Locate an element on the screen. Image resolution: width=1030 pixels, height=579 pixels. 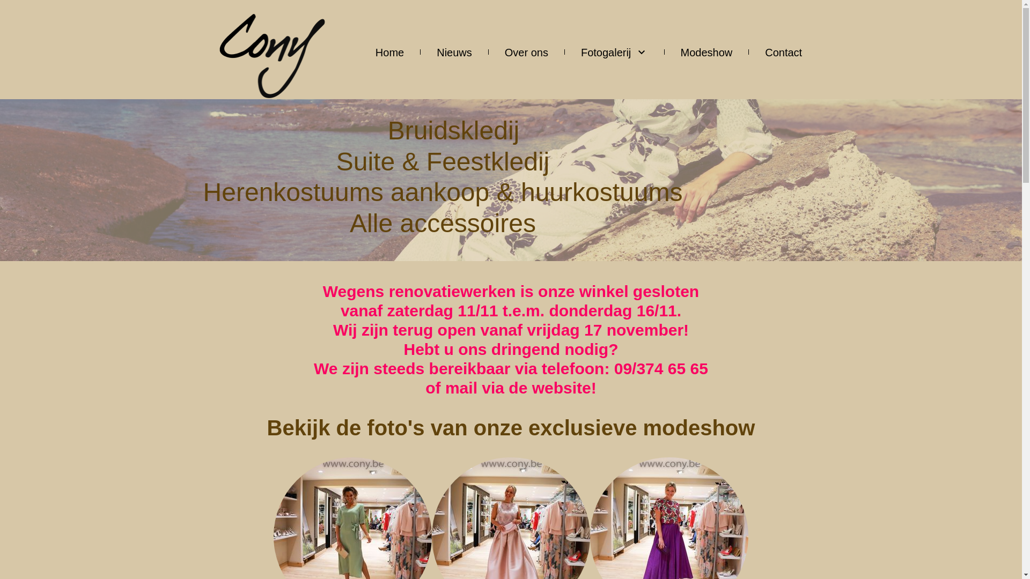
'Modeshow' is located at coordinates (706, 51).